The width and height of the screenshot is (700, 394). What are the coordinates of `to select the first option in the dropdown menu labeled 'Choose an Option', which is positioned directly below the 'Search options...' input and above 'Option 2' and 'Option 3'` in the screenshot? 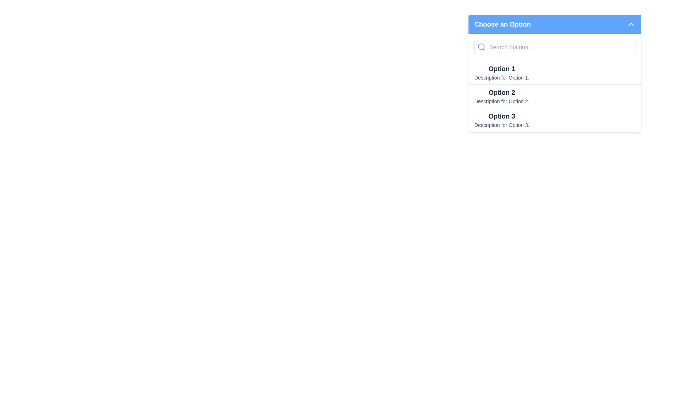 It's located at (554, 73).